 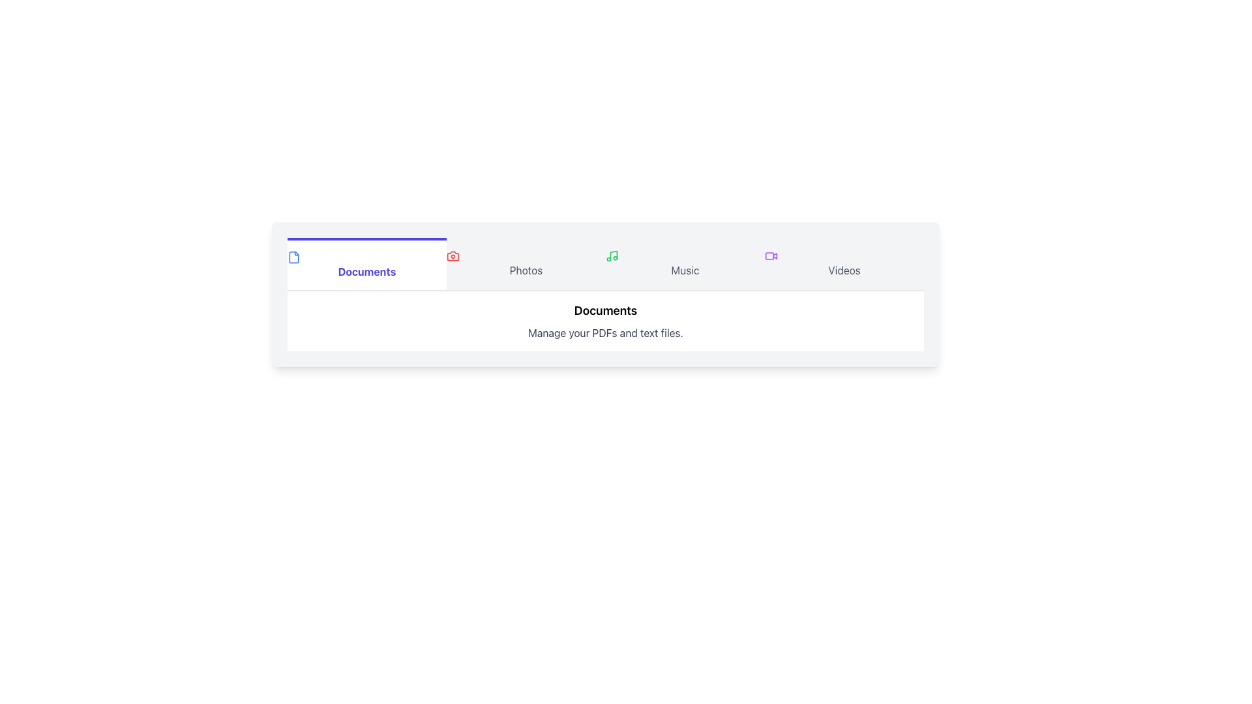 I want to click on the Navigation Tab containing a green musical note icon and the text 'Music', so click(x=685, y=264).